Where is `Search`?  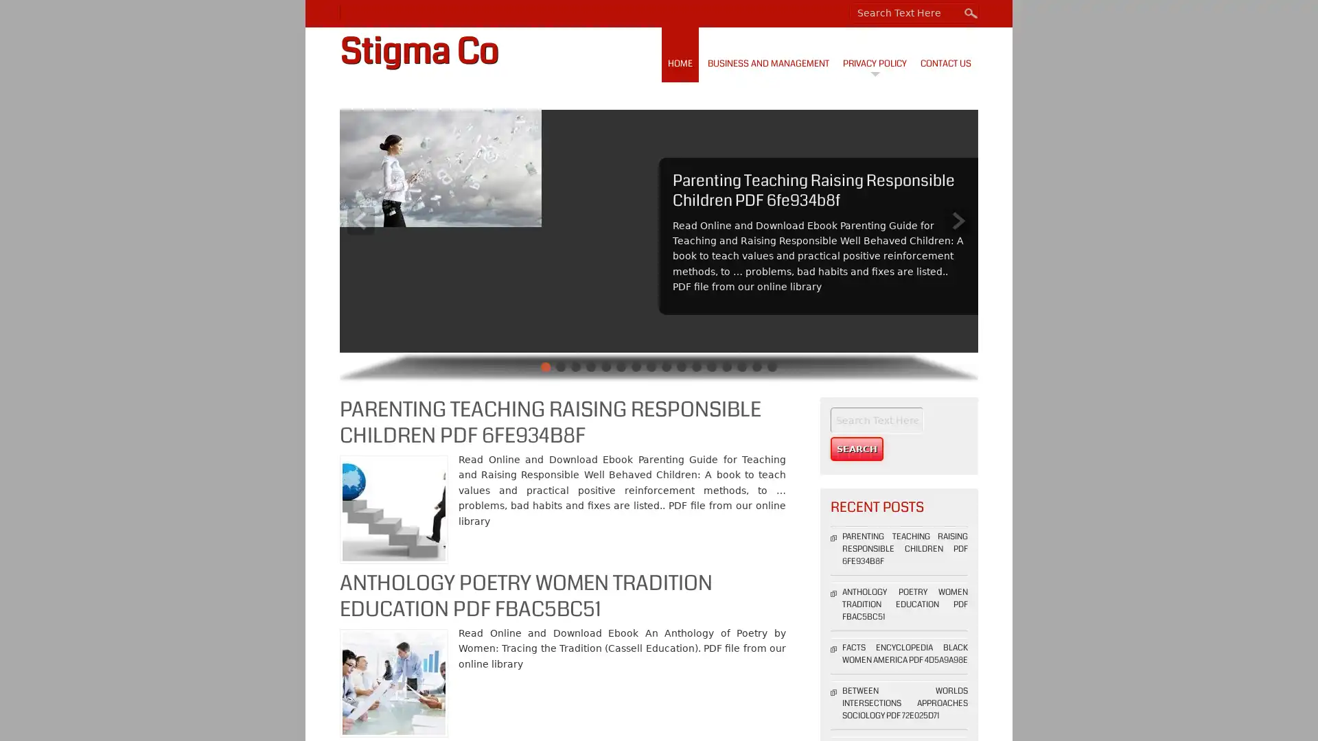 Search is located at coordinates (856, 449).